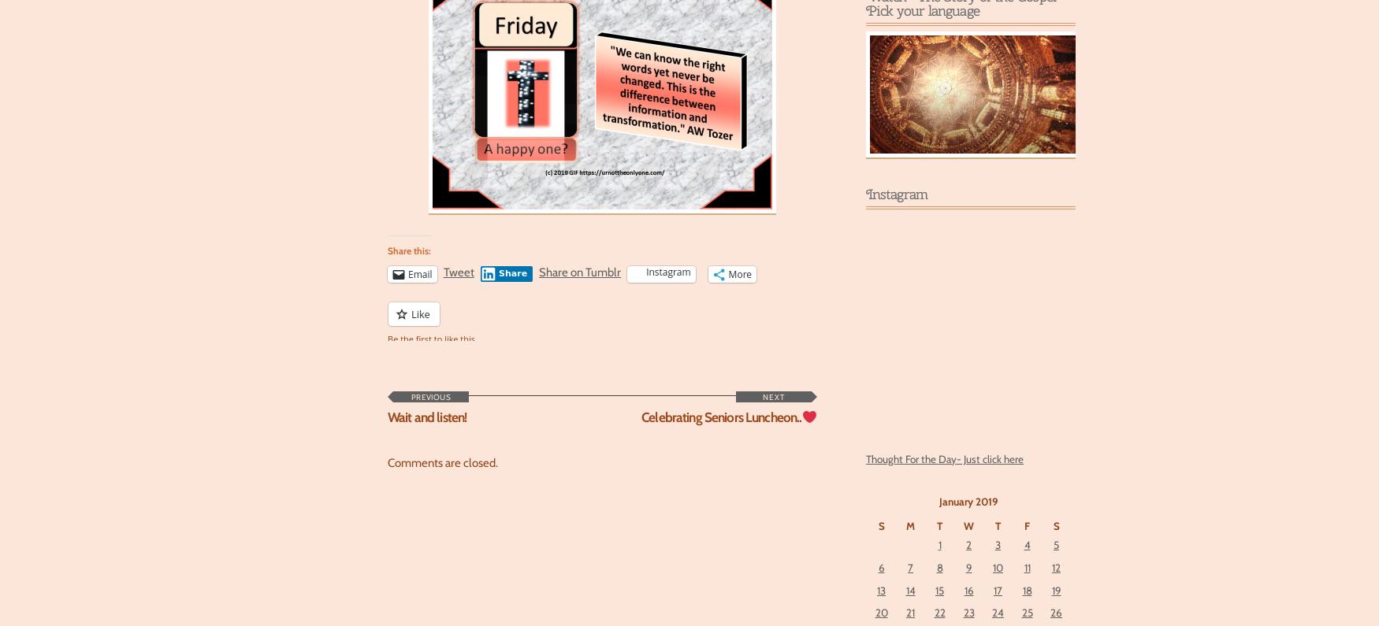 This screenshot has width=1379, height=626. I want to click on 'Share on Tumblr', so click(580, 272).